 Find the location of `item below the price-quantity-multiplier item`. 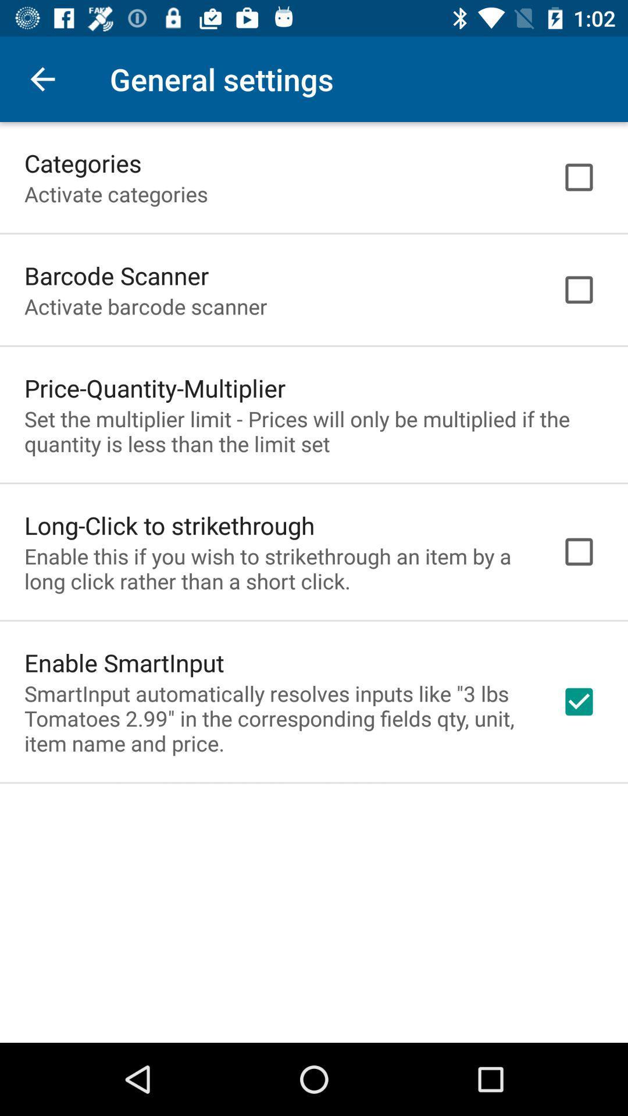

item below the price-quantity-multiplier item is located at coordinates (314, 431).